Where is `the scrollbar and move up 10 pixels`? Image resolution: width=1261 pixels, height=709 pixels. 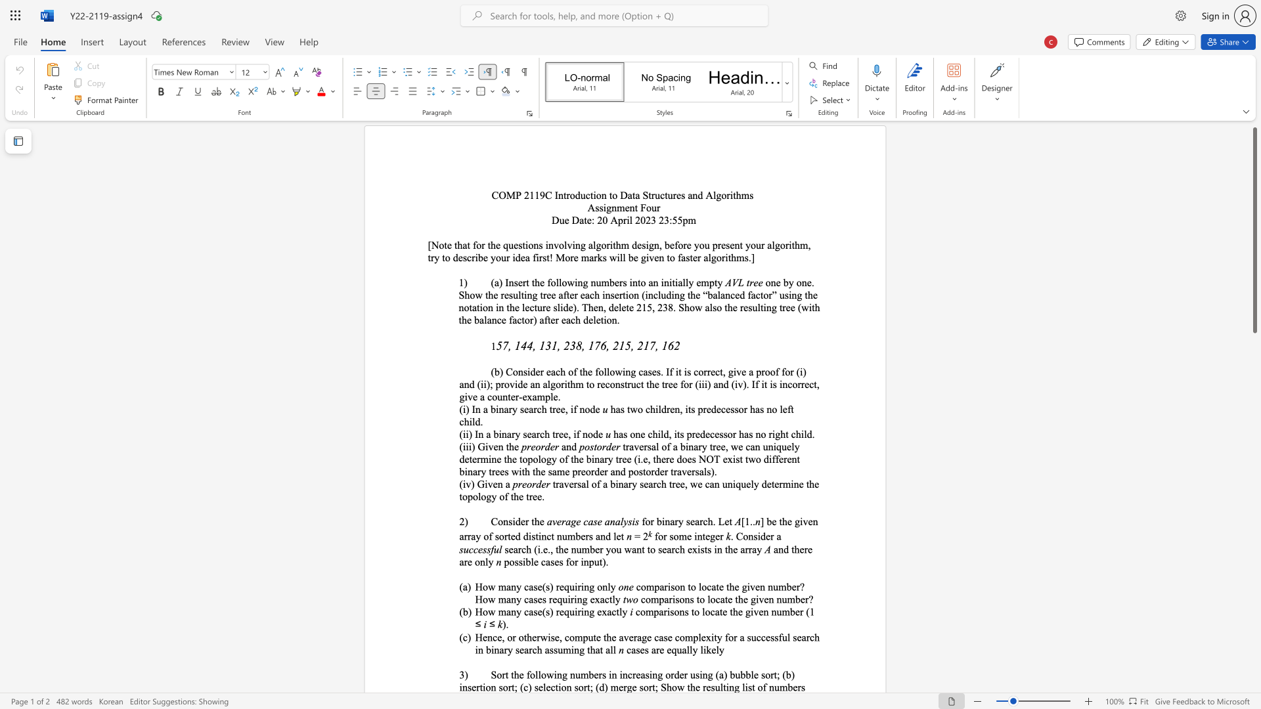
the scrollbar and move up 10 pixels is located at coordinates (1254, 230).